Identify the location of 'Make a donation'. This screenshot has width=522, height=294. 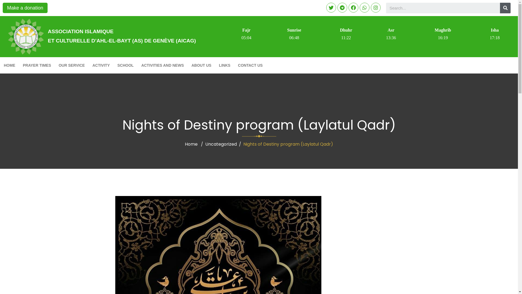
(2, 8).